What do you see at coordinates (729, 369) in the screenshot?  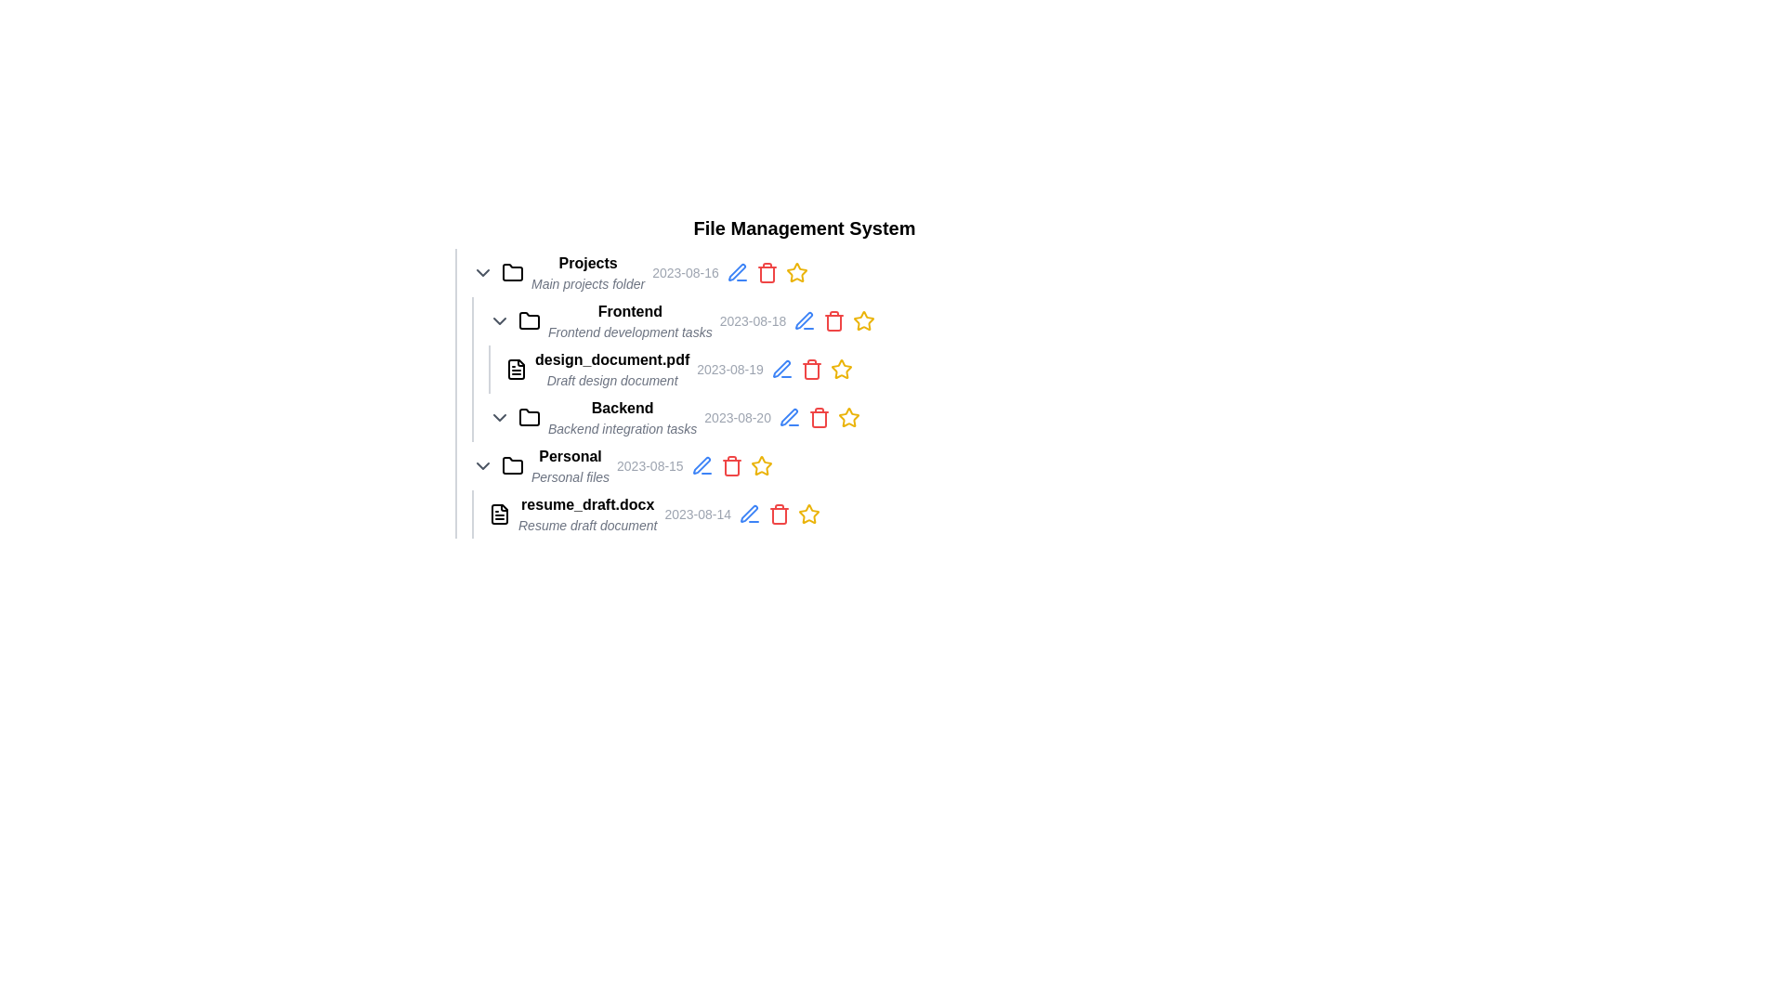 I see `the text label displaying the date '2023-08-19', which is styled in medium gray and aligned to the right, indicating it serves as metadata for the file 'design_document.pdf'` at bounding box center [729, 369].